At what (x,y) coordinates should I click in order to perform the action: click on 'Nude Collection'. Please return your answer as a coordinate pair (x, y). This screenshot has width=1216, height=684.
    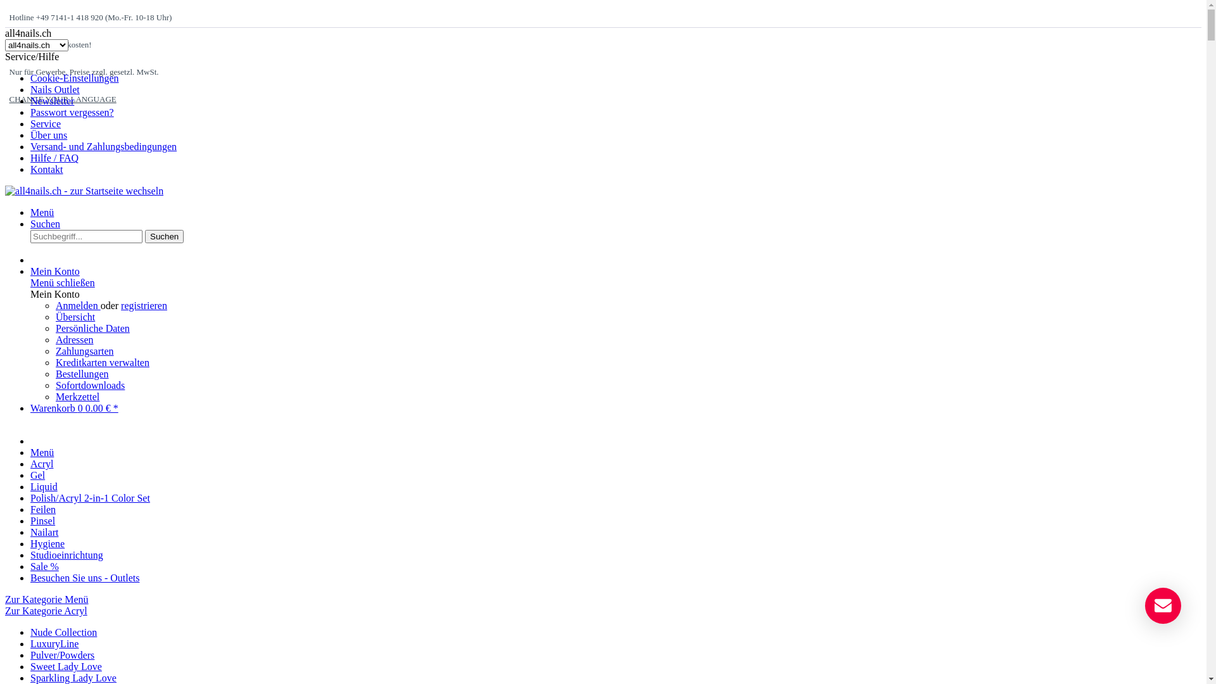
    Looking at the image, I should click on (30, 632).